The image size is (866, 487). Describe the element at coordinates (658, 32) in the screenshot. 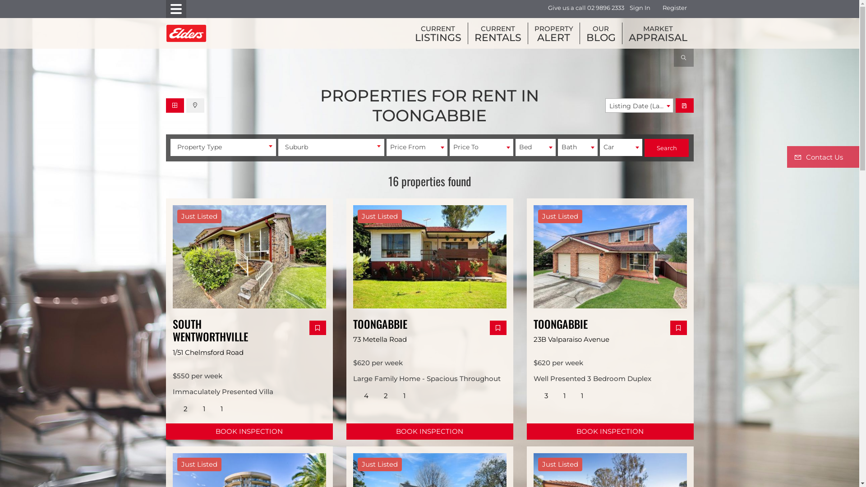

I see `'MARKET` at that location.